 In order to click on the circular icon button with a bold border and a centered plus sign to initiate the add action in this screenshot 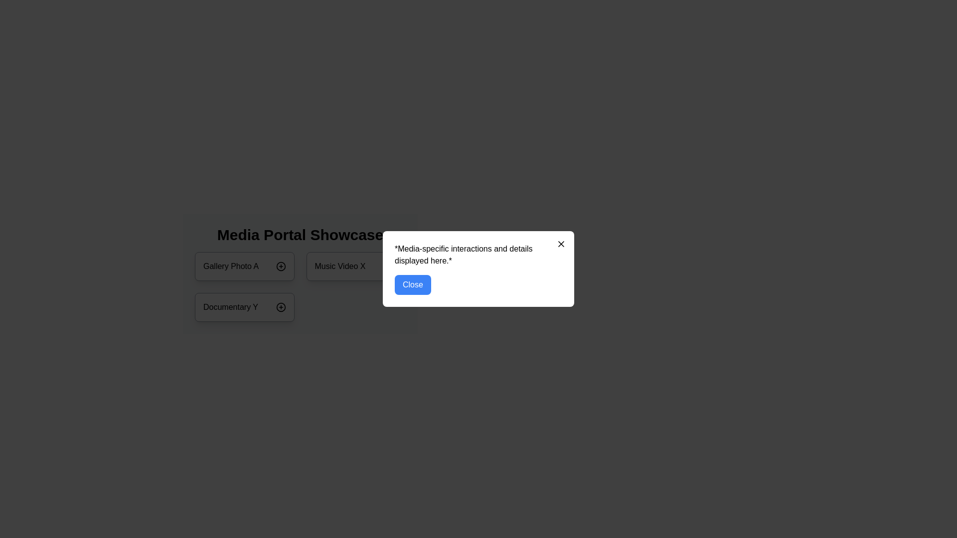, I will do `click(280, 307)`.